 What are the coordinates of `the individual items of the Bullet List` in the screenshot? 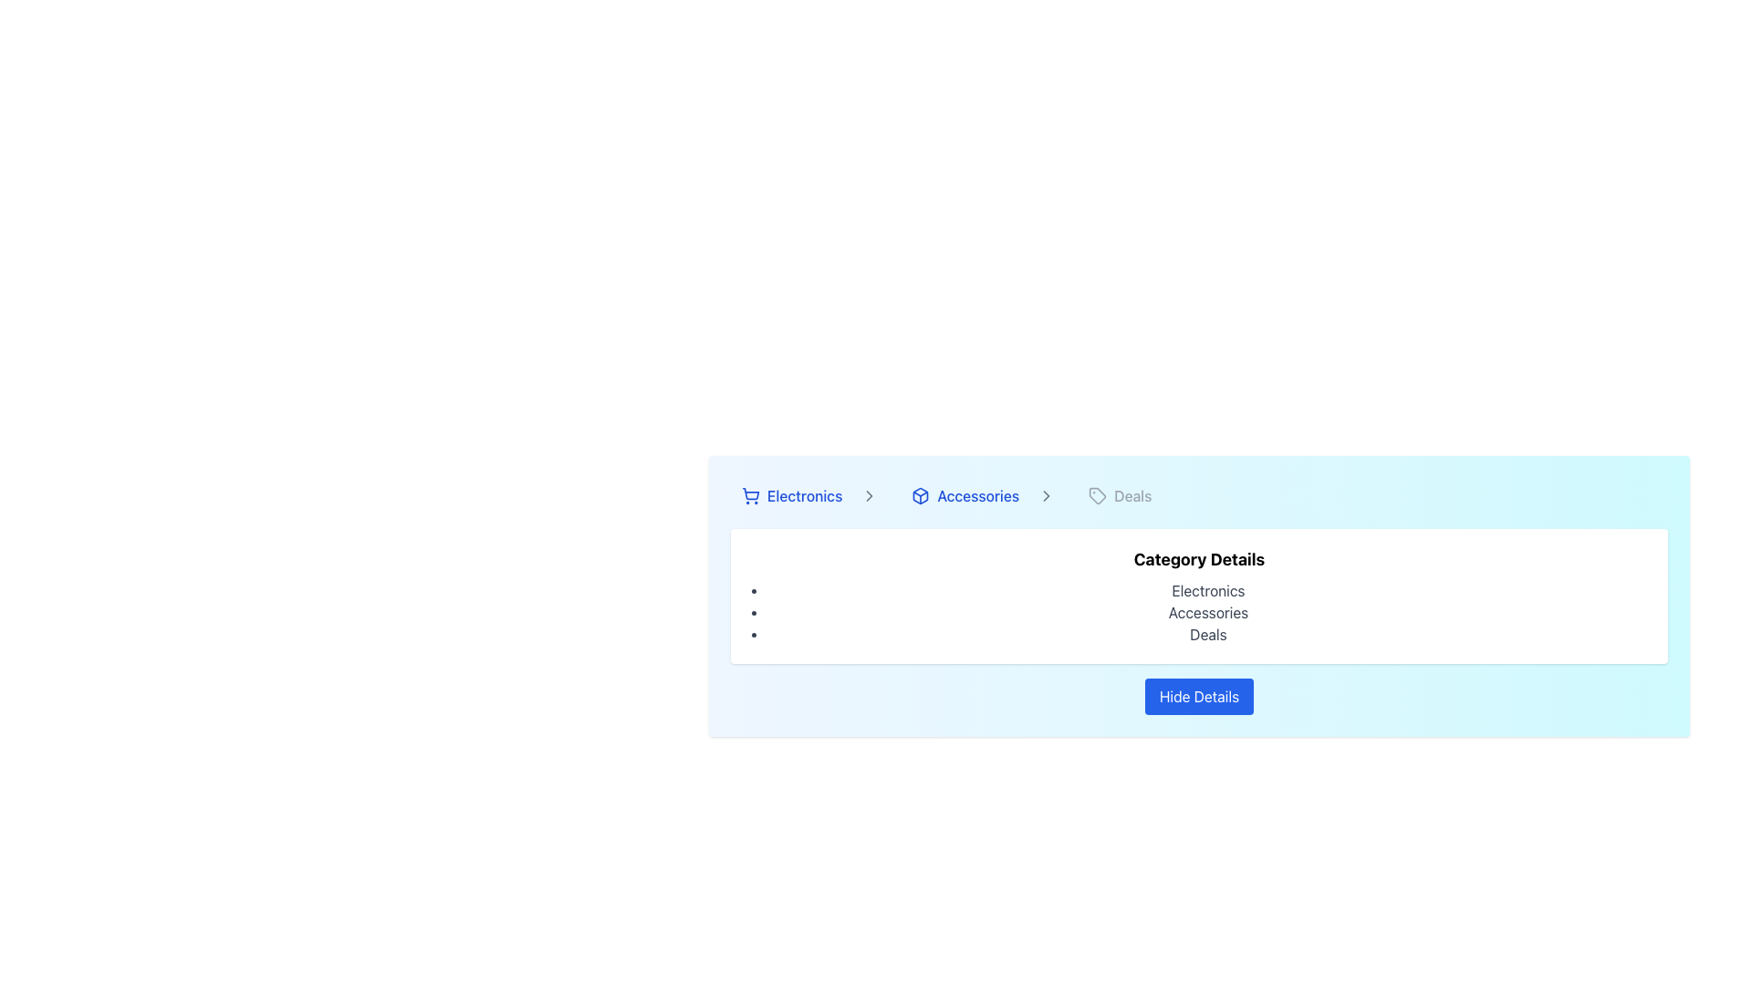 It's located at (1208, 612).